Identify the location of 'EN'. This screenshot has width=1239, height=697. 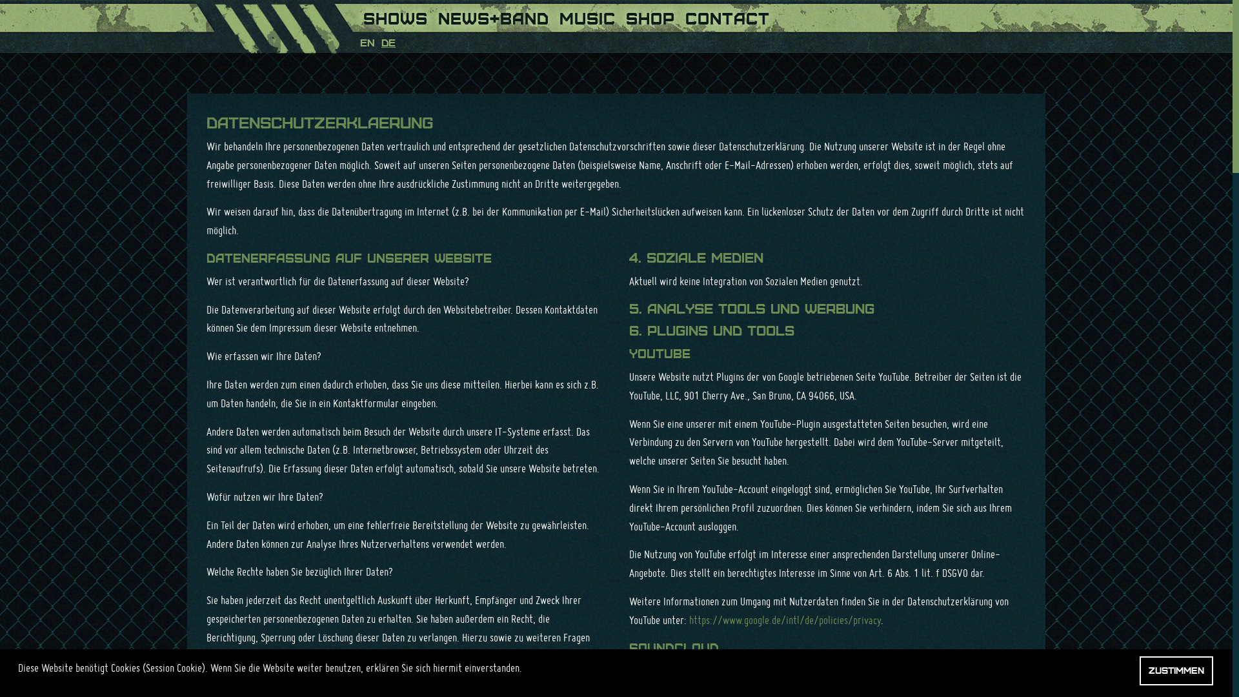
(367, 42).